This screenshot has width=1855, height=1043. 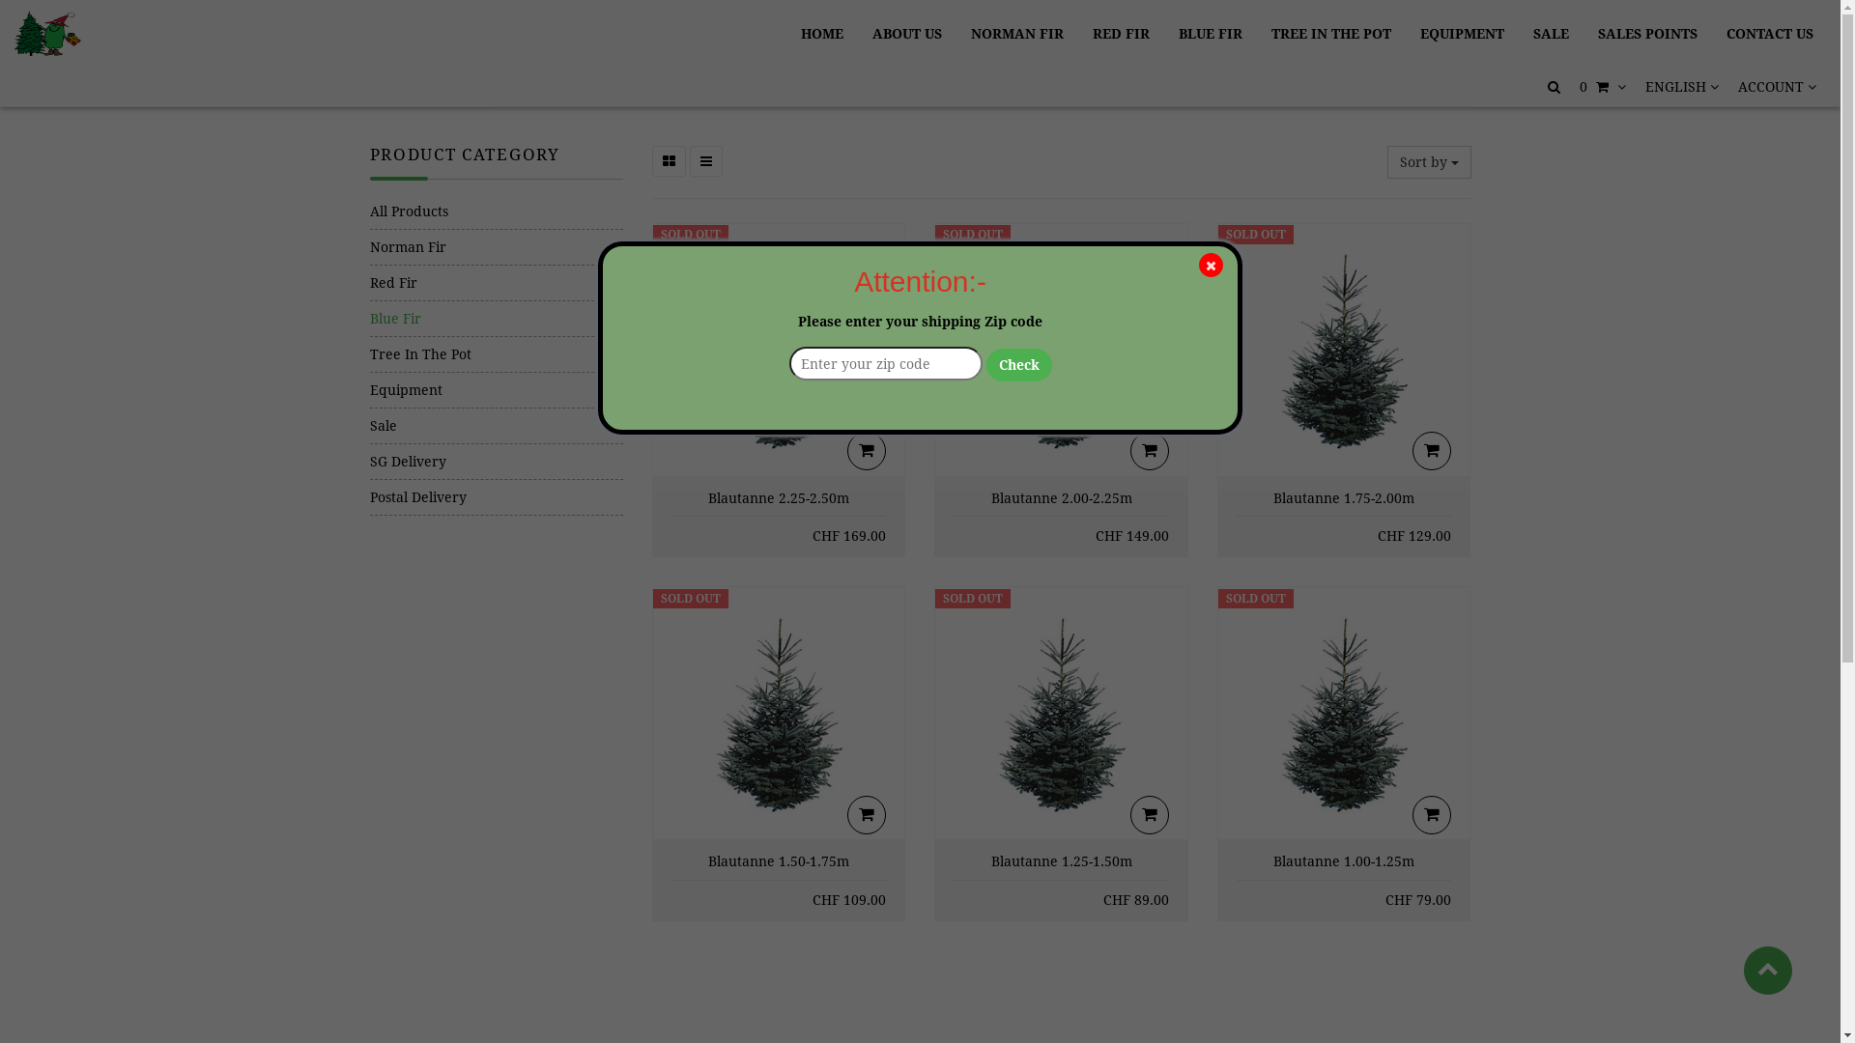 What do you see at coordinates (496, 353) in the screenshot?
I see `'Tree In The Pot'` at bounding box center [496, 353].